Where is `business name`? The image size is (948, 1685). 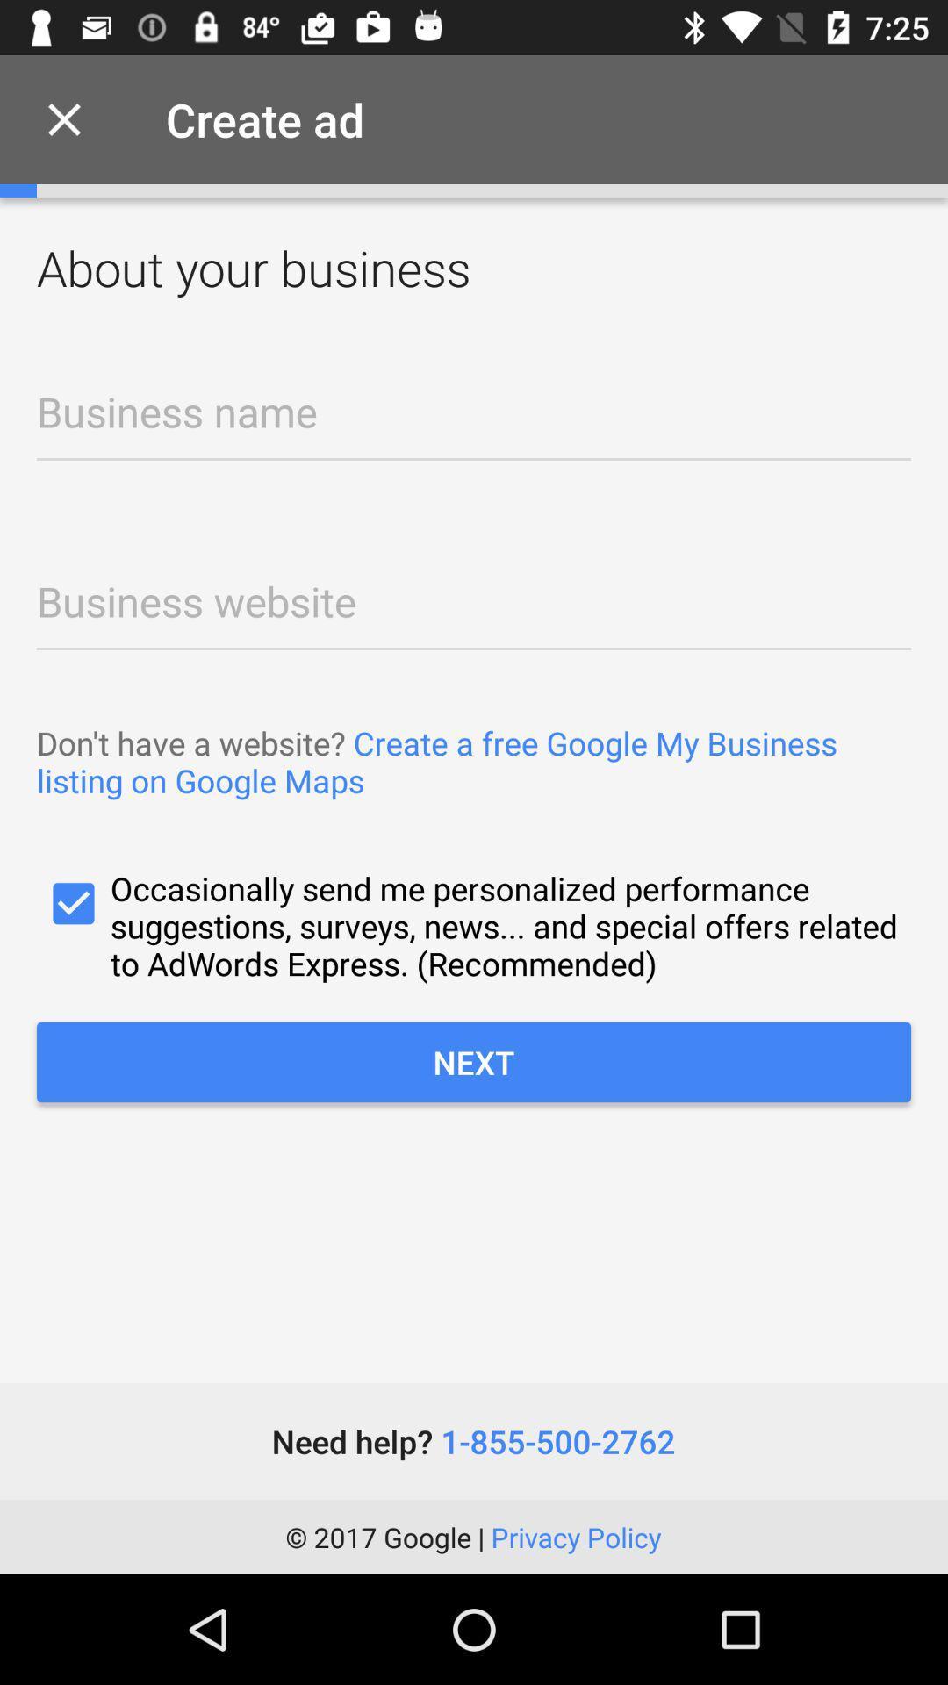 business name is located at coordinates (474, 423).